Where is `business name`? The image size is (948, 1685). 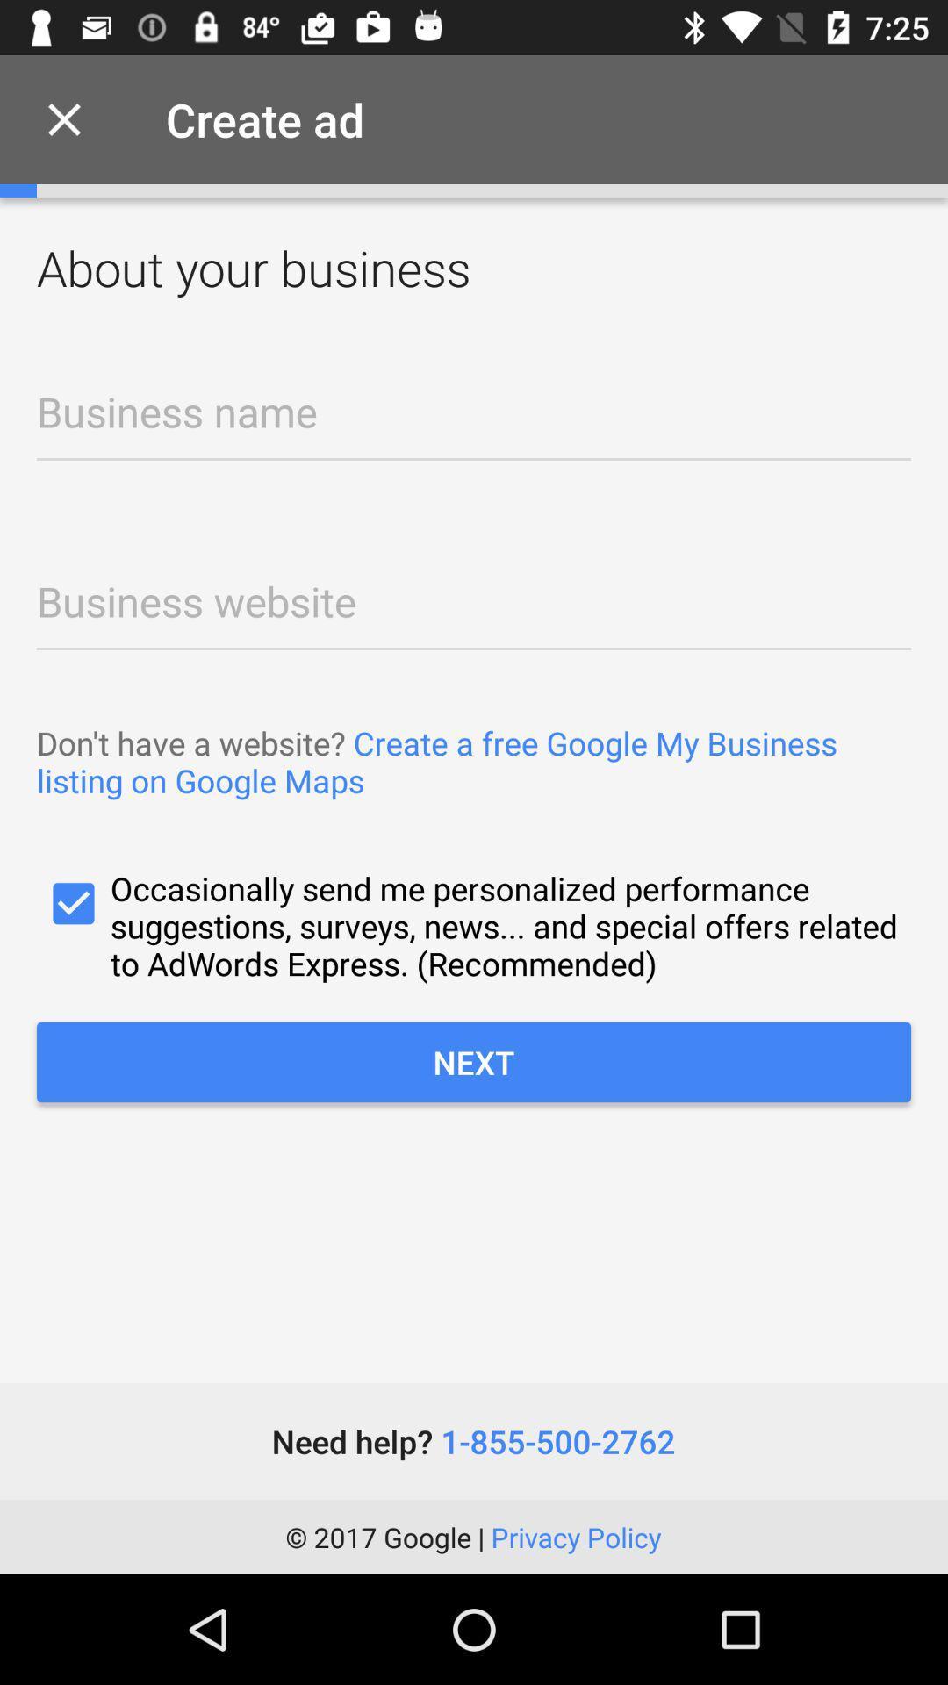 business name is located at coordinates (474, 423).